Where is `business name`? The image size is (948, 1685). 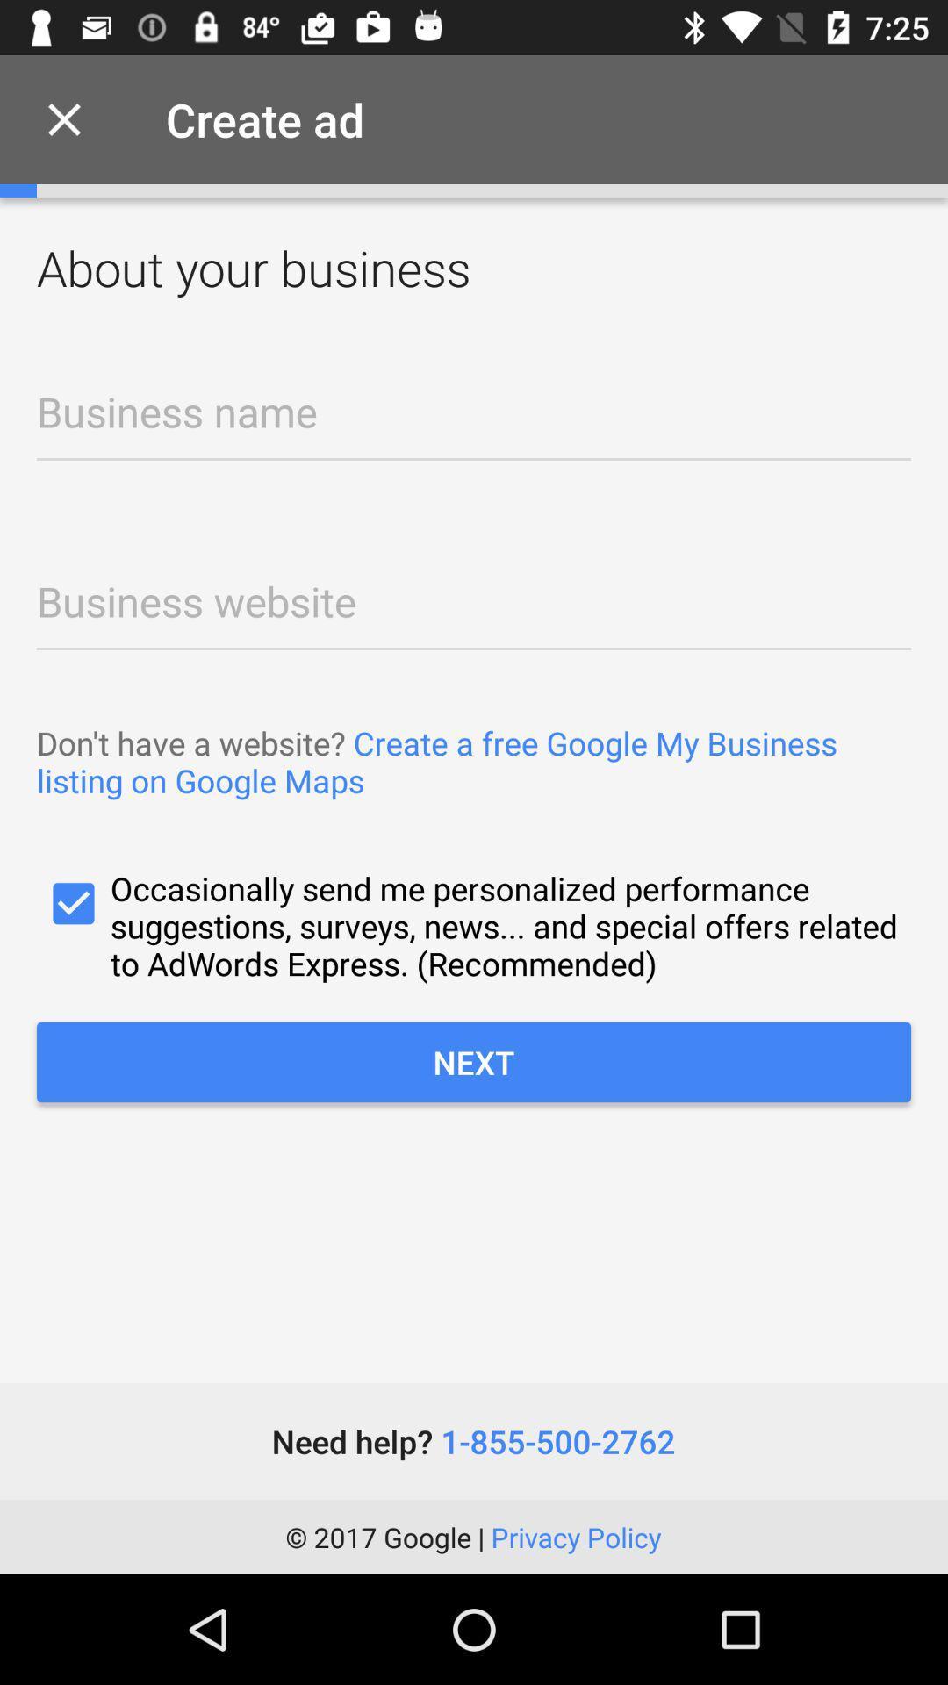 business name is located at coordinates (474, 423).